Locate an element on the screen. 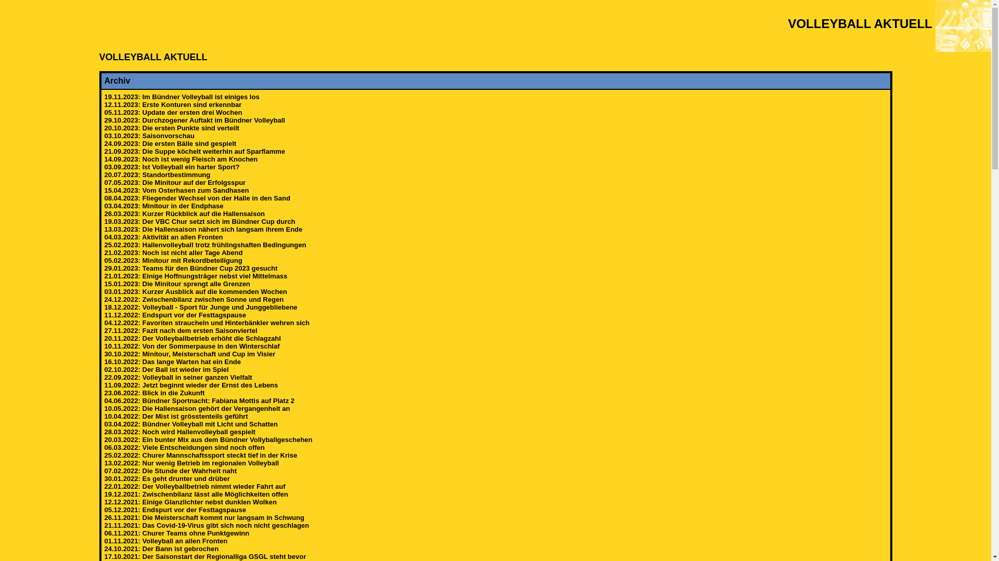  '03.01.2023: Kurzer Ausblick auf die kommenden Wochen' is located at coordinates (195, 291).